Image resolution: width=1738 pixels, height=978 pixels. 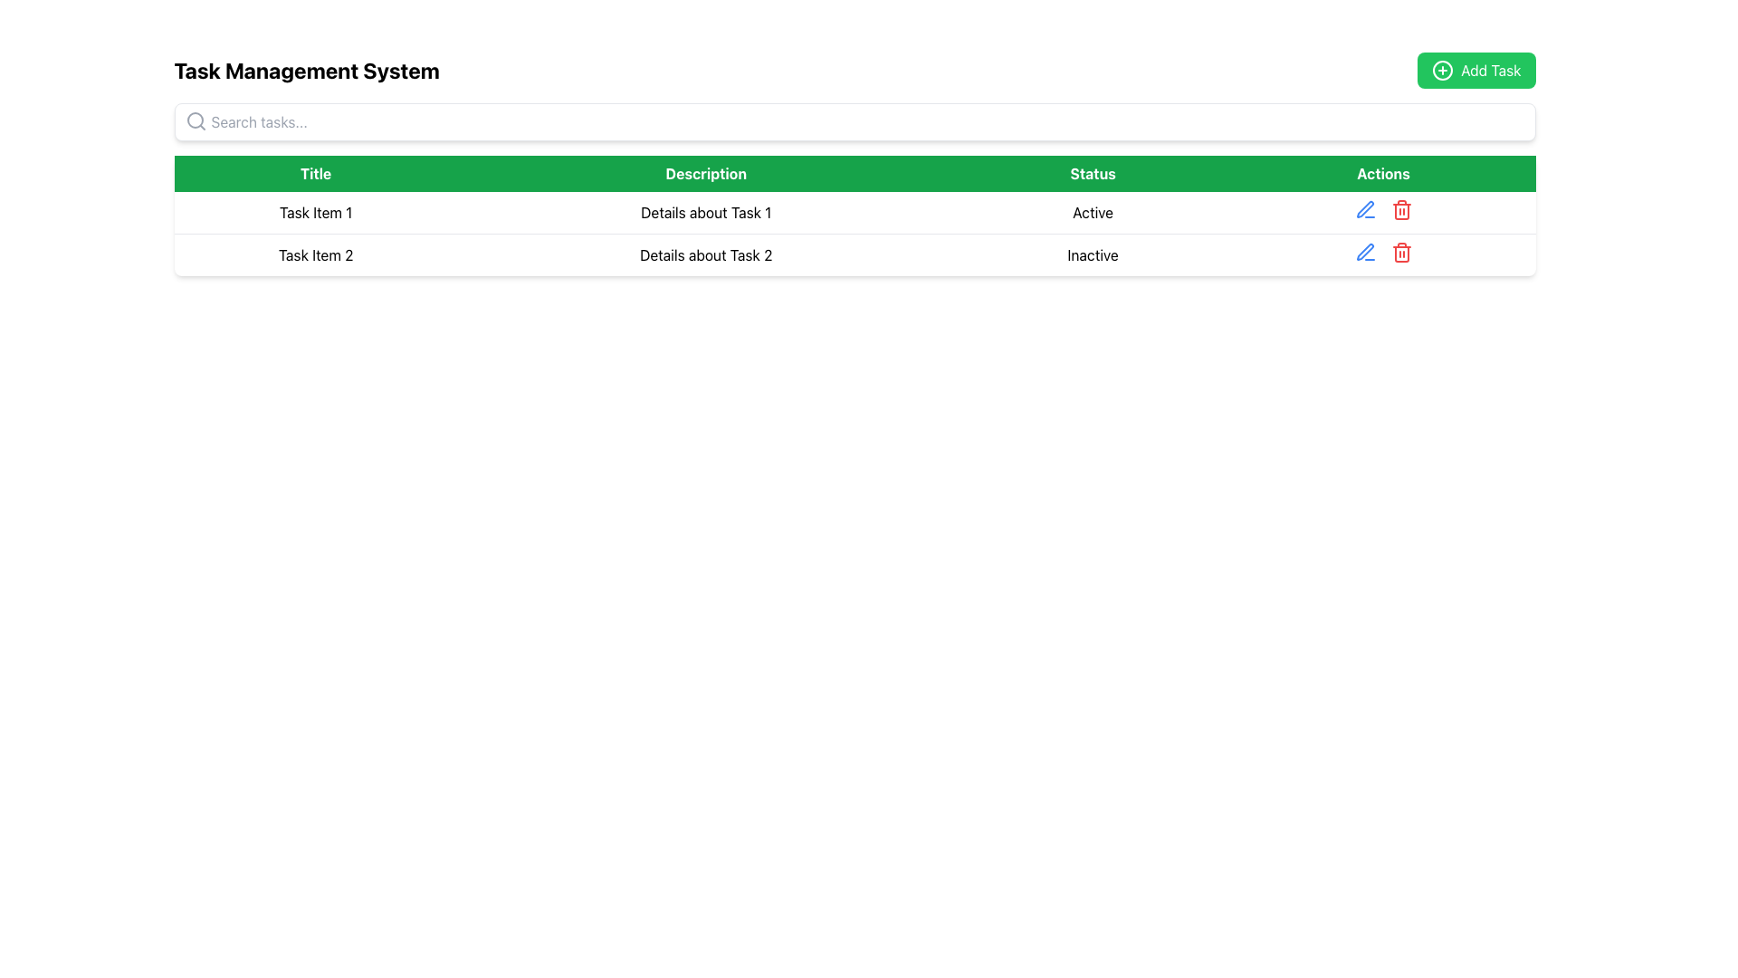 I want to click on the icon located at the top-right corner of the interface inside the green rectangular 'Add Task' button, so click(x=1442, y=69).